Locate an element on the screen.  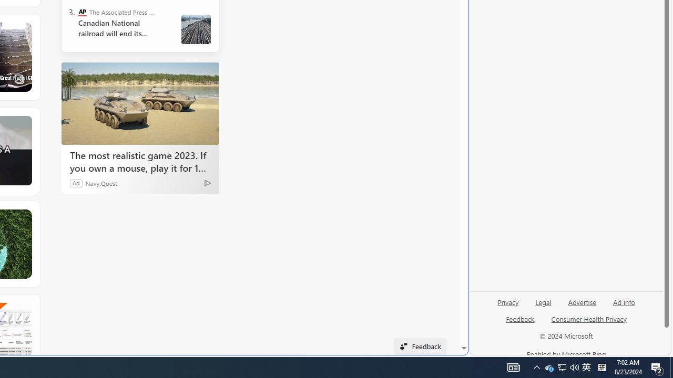
'Navy.Quest' is located at coordinates (101, 182).